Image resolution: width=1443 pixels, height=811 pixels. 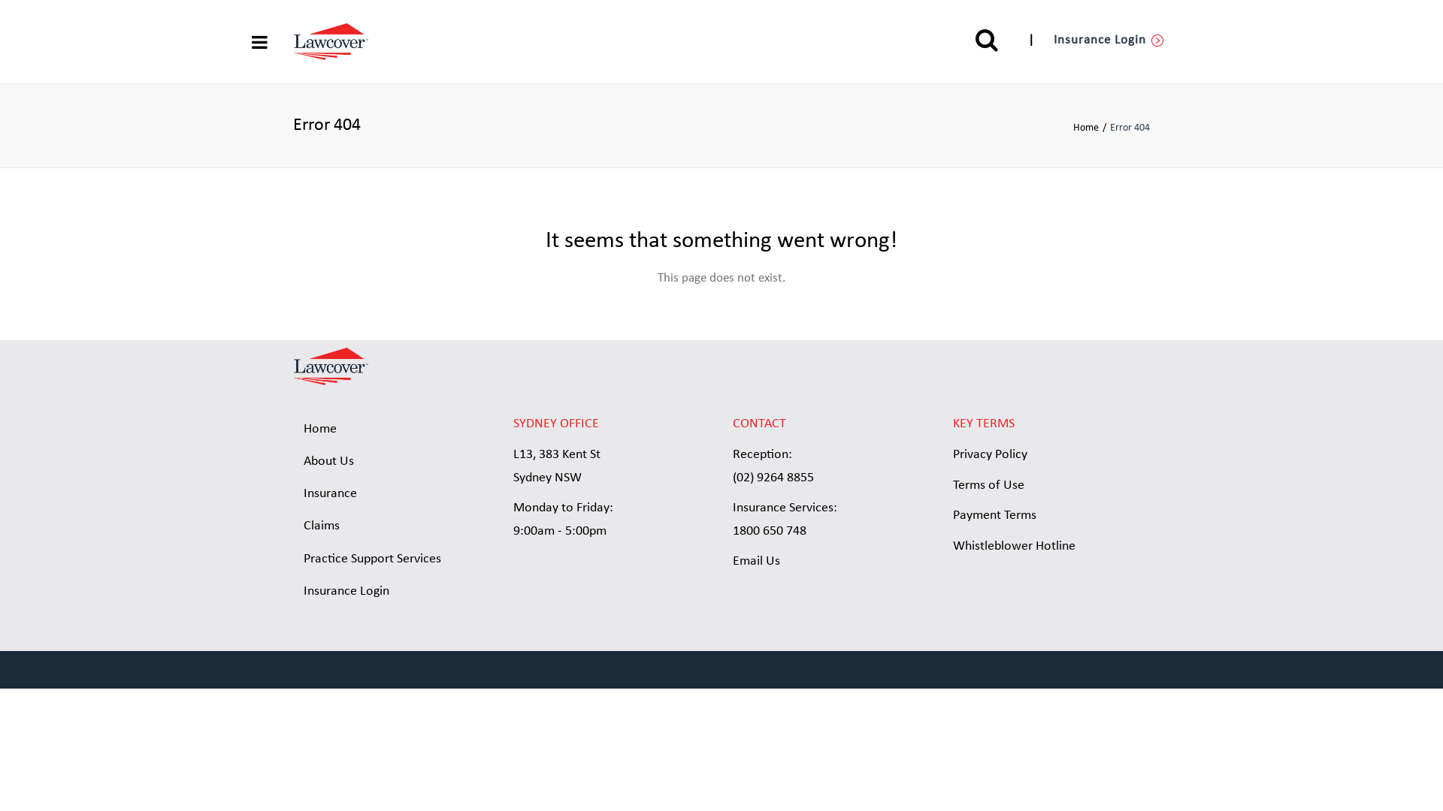 What do you see at coordinates (392, 460) in the screenshot?
I see `'About Us'` at bounding box center [392, 460].